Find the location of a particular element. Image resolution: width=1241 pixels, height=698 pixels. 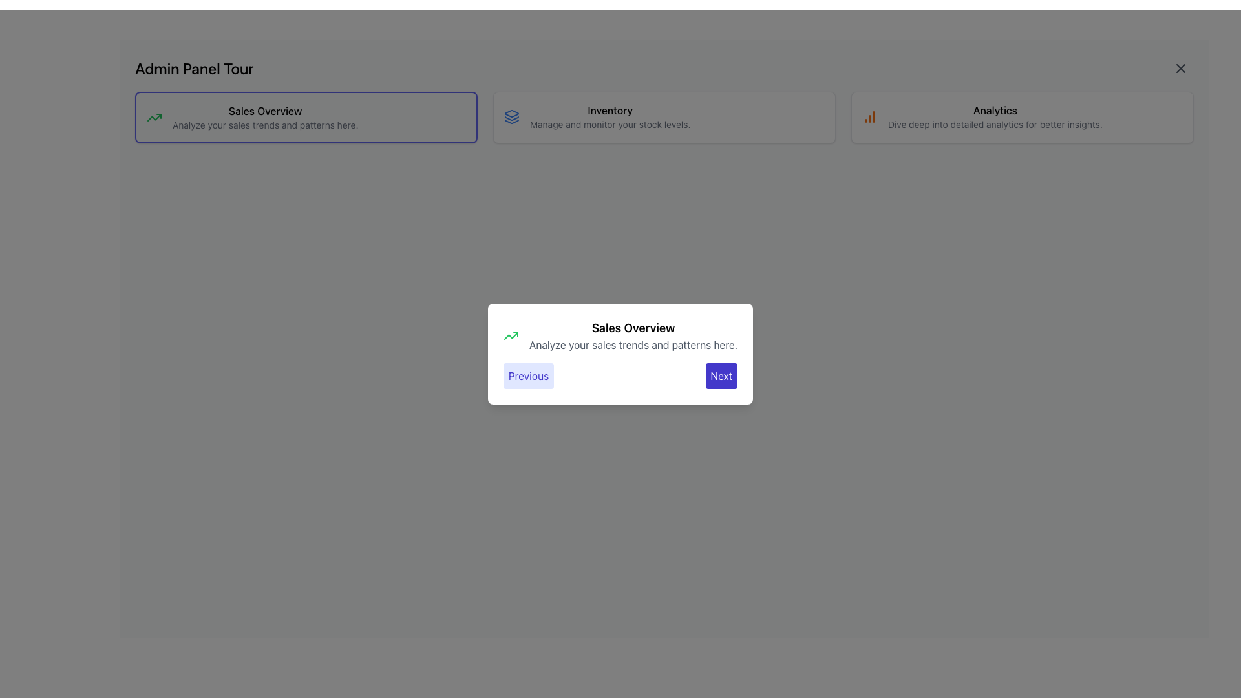

the blue icon depicting stacked layers located on the left side of the inventory management section is located at coordinates (511, 117).